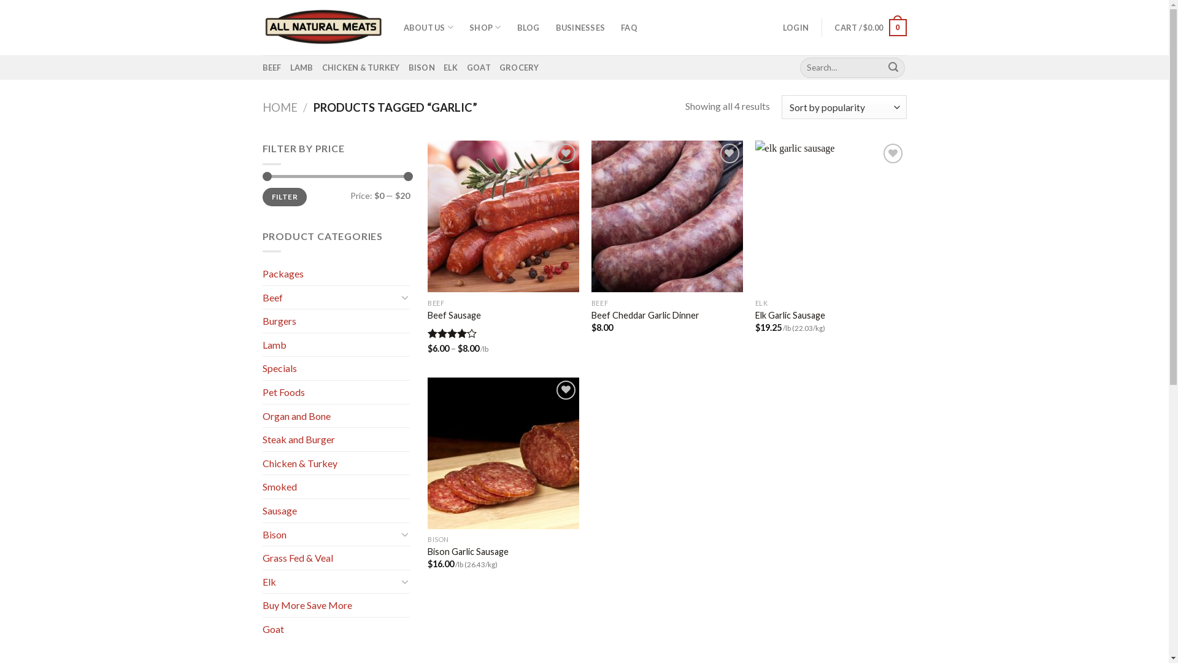 This screenshot has height=663, width=1178. What do you see at coordinates (429, 28) in the screenshot?
I see `'ABOUT US'` at bounding box center [429, 28].